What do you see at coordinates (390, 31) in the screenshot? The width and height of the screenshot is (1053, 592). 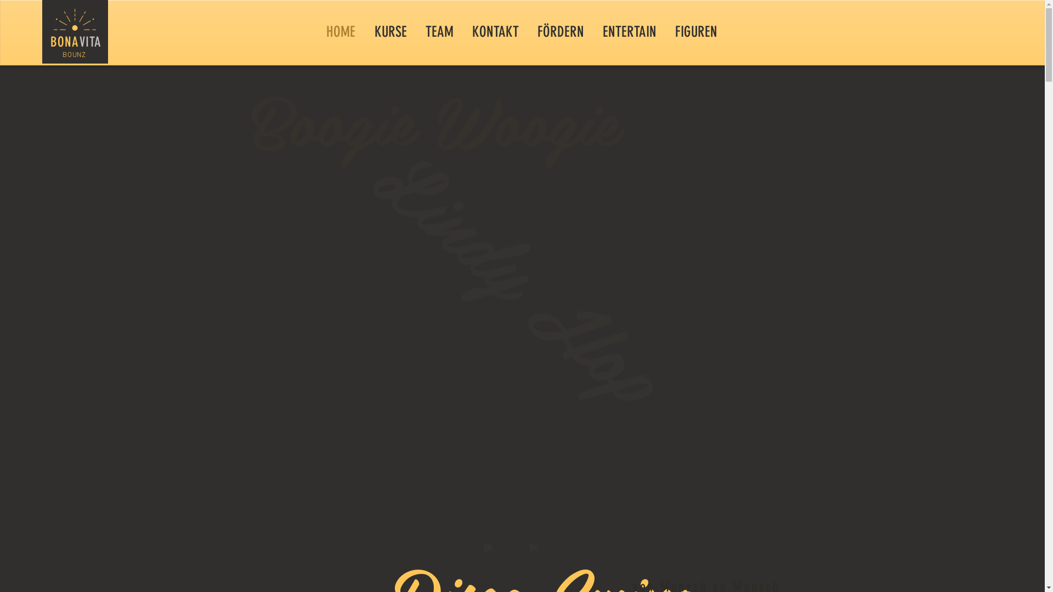 I see `'KURSE'` at bounding box center [390, 31].